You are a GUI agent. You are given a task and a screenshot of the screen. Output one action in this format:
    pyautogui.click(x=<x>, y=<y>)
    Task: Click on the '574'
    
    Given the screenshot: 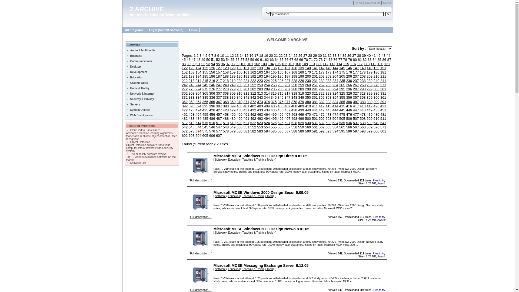 What is the action you would take?
    pyautogui.click(x=198, y=131)
    